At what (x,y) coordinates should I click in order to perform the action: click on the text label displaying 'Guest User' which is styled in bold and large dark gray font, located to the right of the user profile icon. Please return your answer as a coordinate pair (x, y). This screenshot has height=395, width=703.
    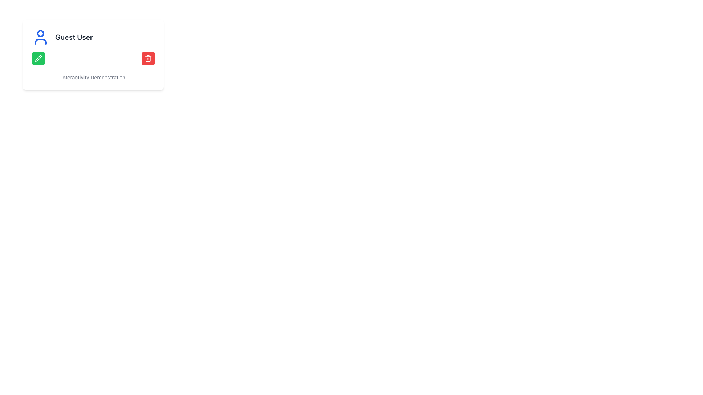
    Looking at the image, I should click on (74, 37).